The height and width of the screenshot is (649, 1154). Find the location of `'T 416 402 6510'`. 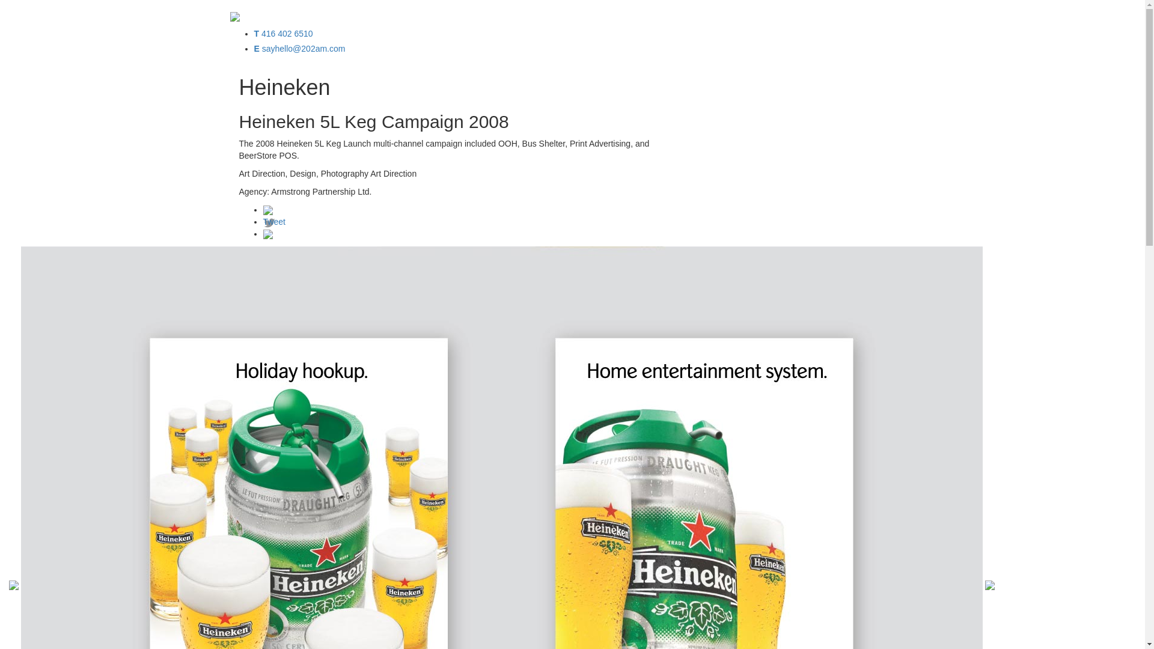

'T 416 402 6510' is located at coordinates (282, 33).